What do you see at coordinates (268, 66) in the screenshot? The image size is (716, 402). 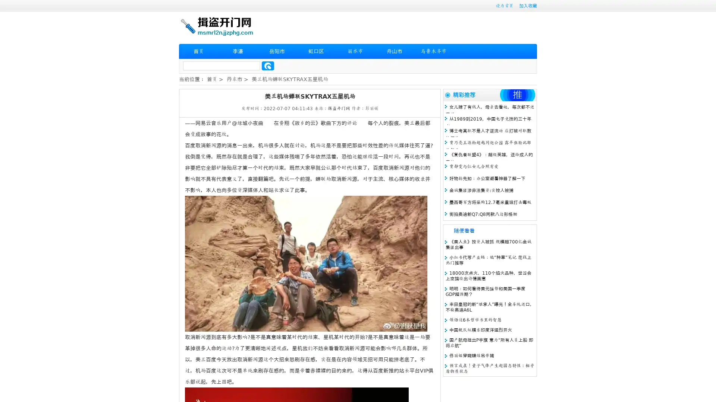 I see `Search` at bounding box center [268, 66].